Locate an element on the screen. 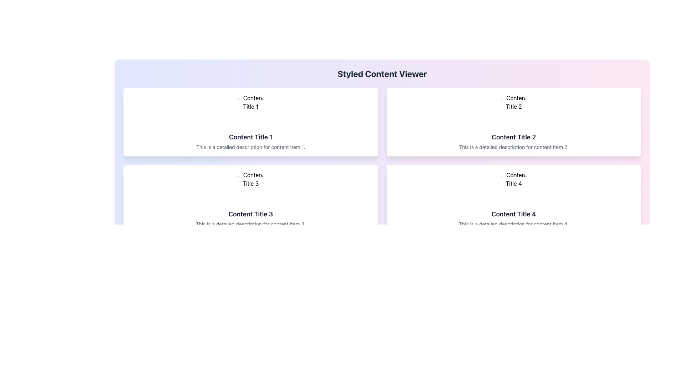  the descriptive text element located below 'Content Title 2' in the second content card is located at coordinates (514, 147).